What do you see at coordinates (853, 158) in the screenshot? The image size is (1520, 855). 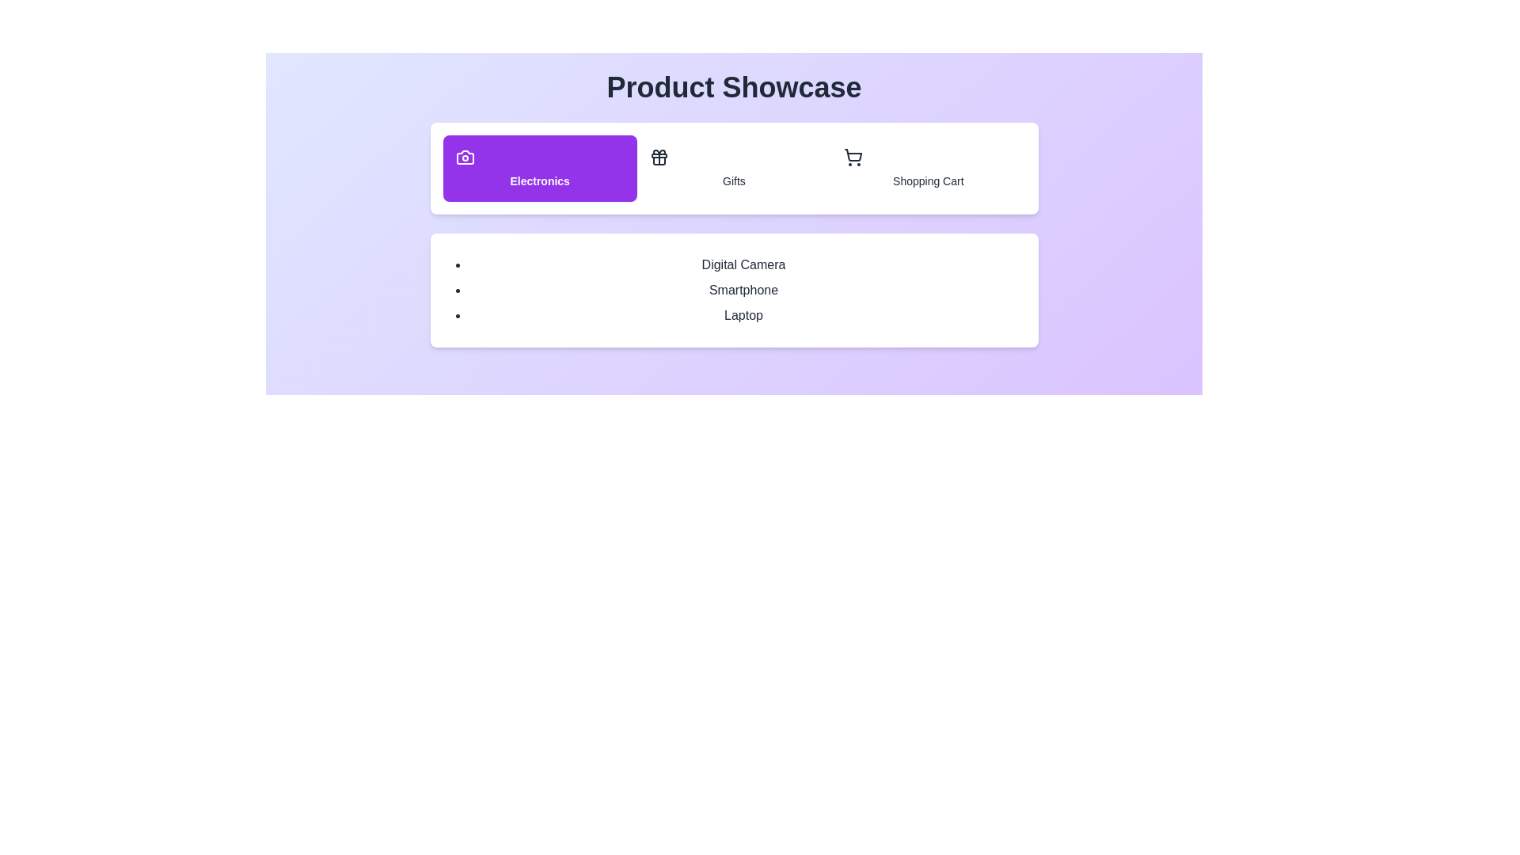 I see `the shopping cart icon button located in the third position from the left in a horizontal row of options, centered above the 'Shopping Cart' text label` at bounding box center [853, 158].